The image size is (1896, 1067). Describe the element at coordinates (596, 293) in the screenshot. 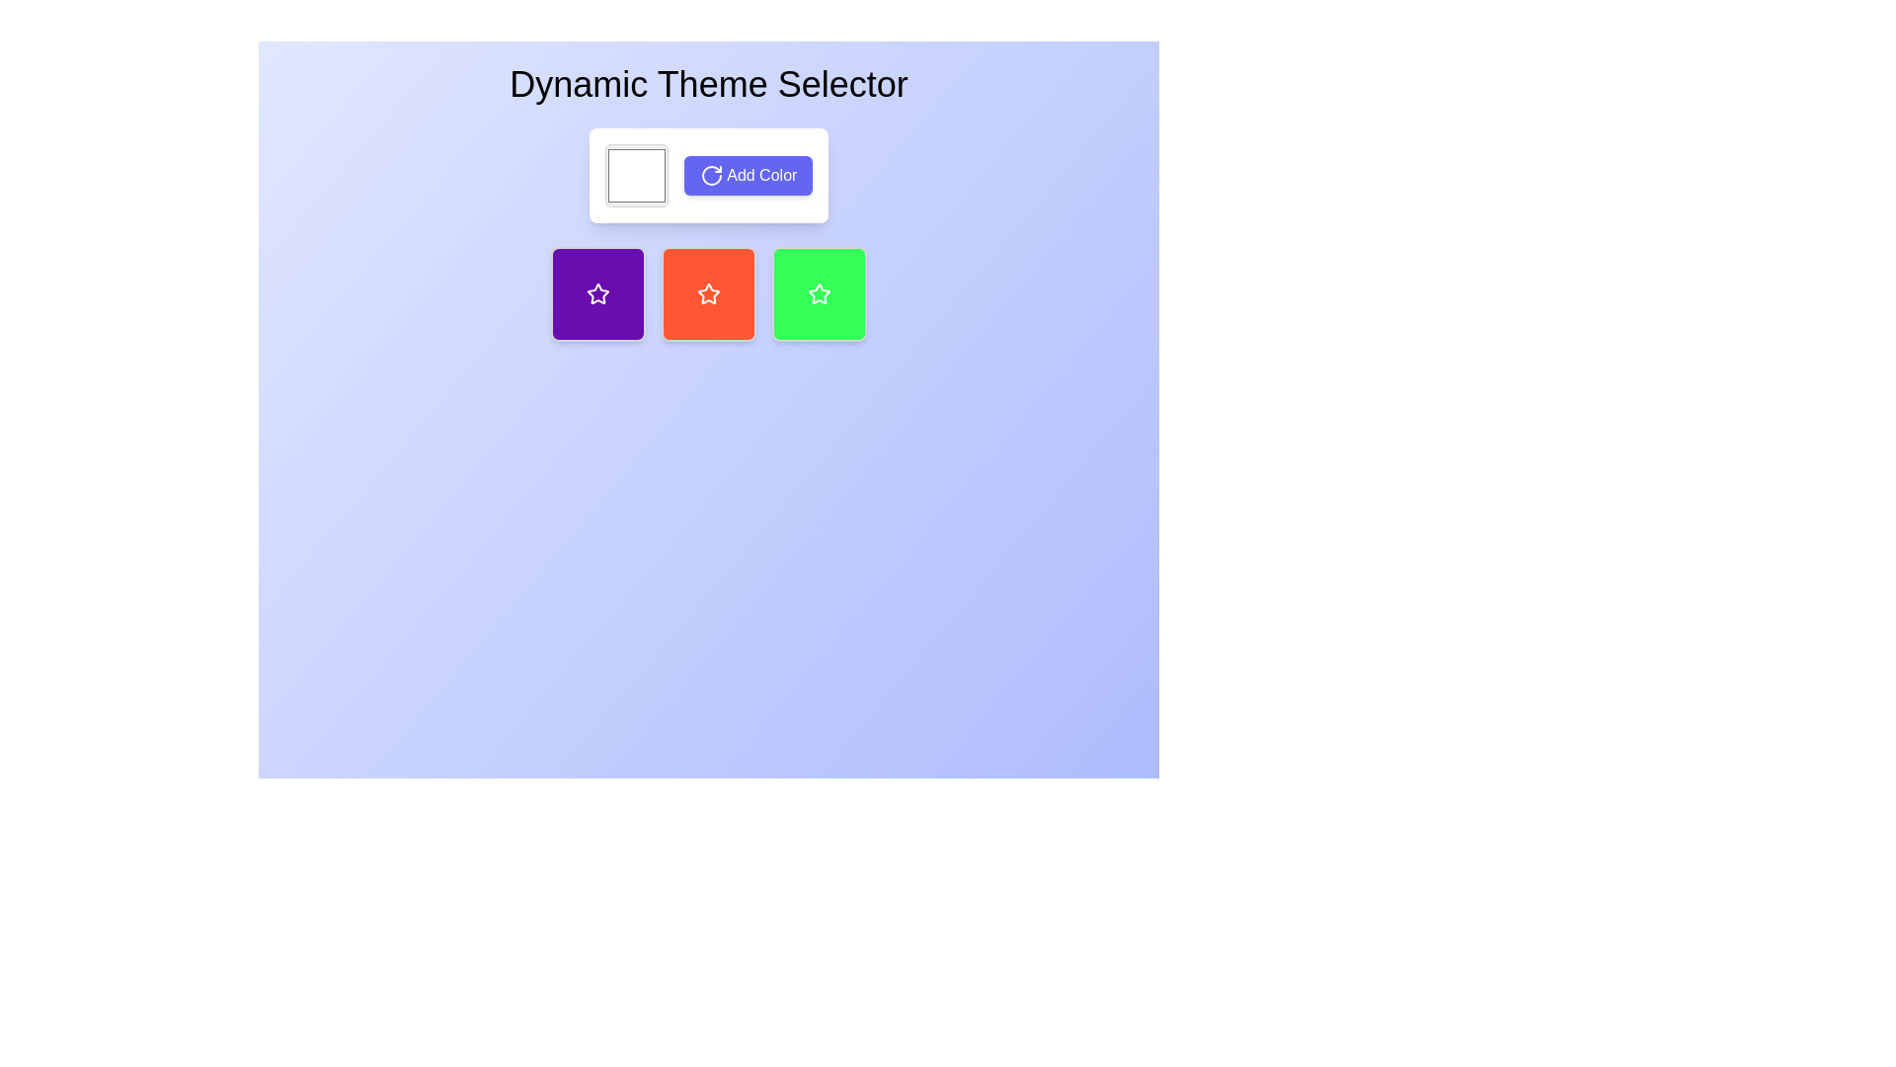

I see `the star-shaped icon with a white outline and transparent fill, located in the center of the purple square in the Dynamic Theme Selector section` at that location.